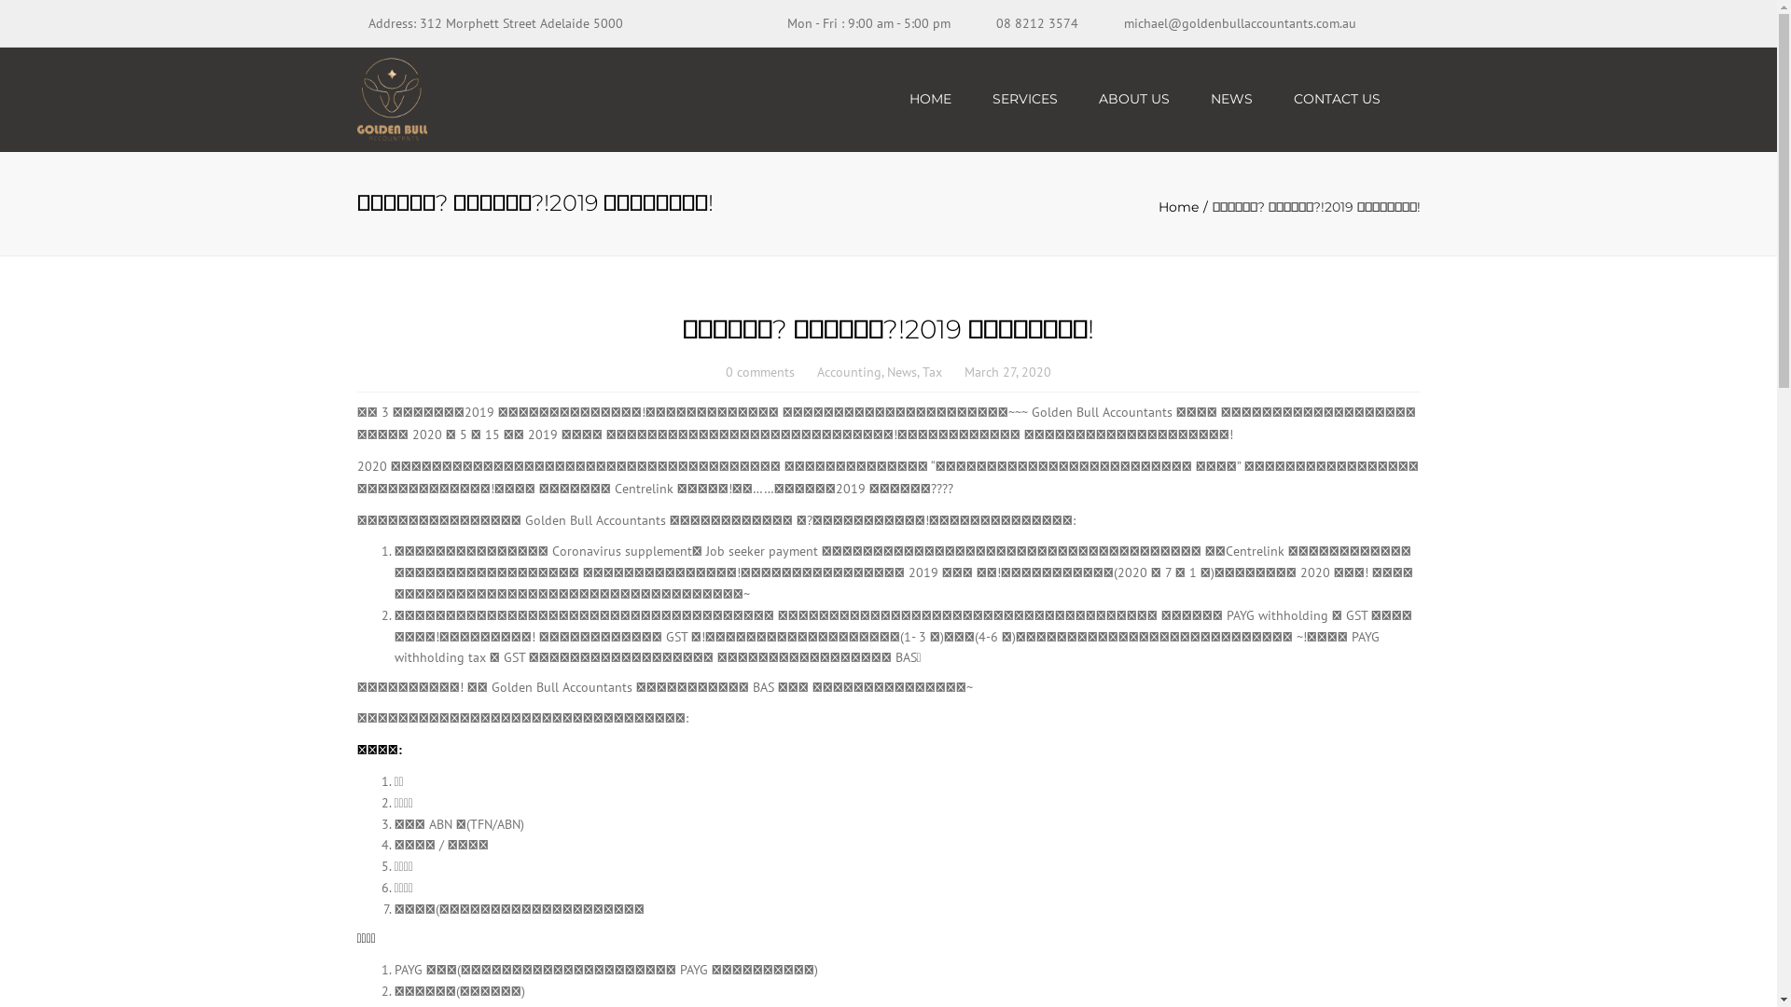 This screenshot has height=1007, width=1791. Describe the element at coordinates (1024, 99) in the screenshot. I see `'SERVICES'` at that location.